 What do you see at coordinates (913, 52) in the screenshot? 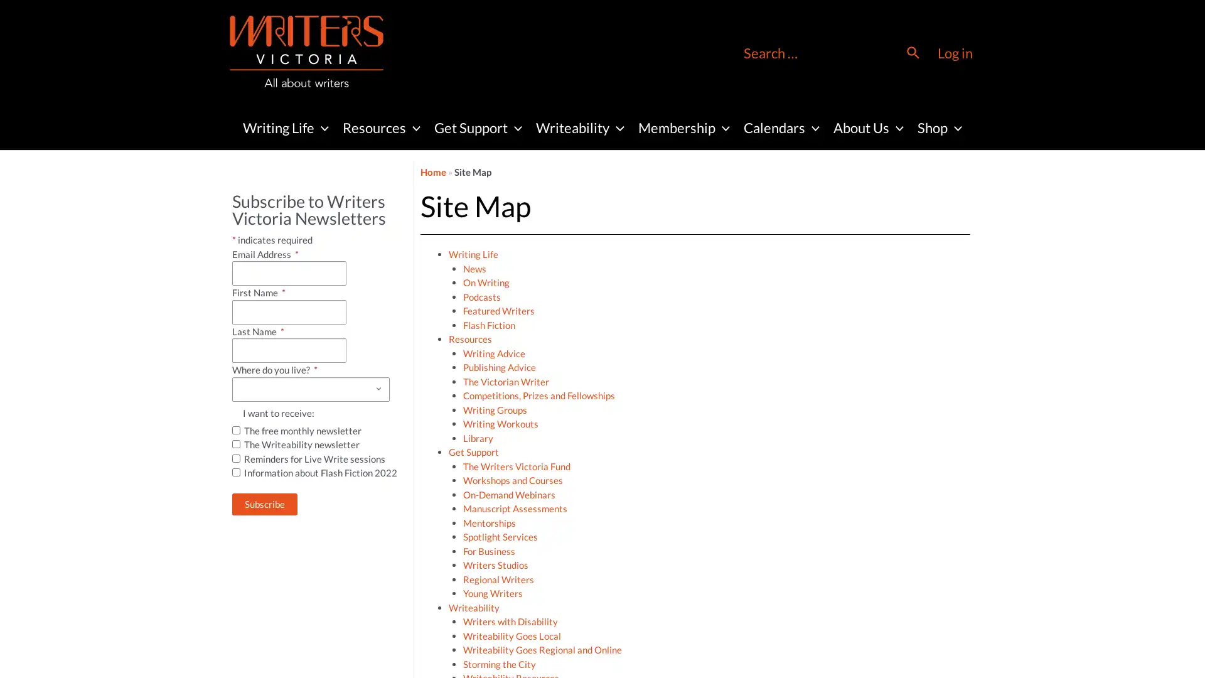
I see `Search` at bounding box center [913, 52].